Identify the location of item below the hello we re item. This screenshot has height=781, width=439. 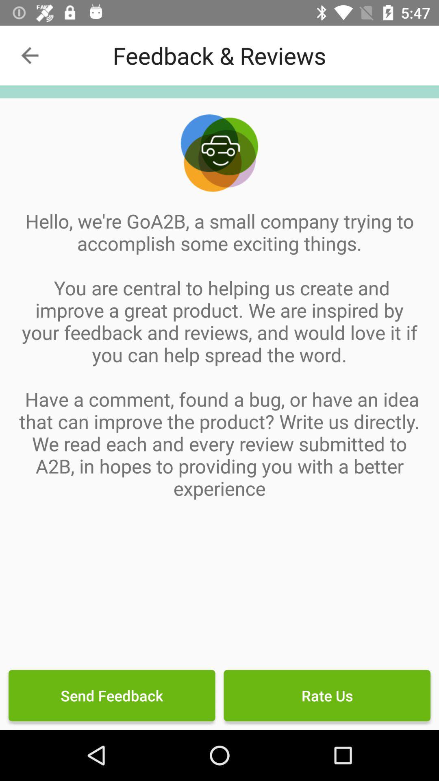
(112, 695).